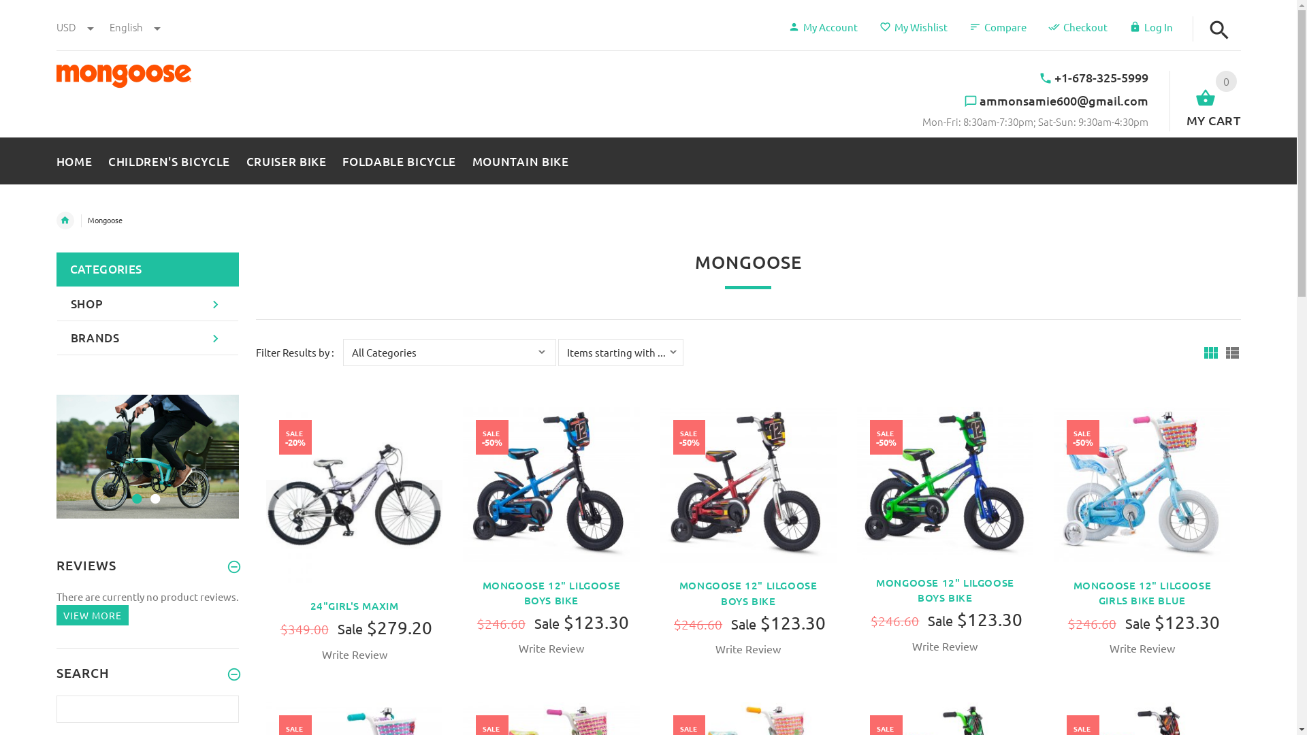  I want to click on ' Write Review ', so click(319, 653).